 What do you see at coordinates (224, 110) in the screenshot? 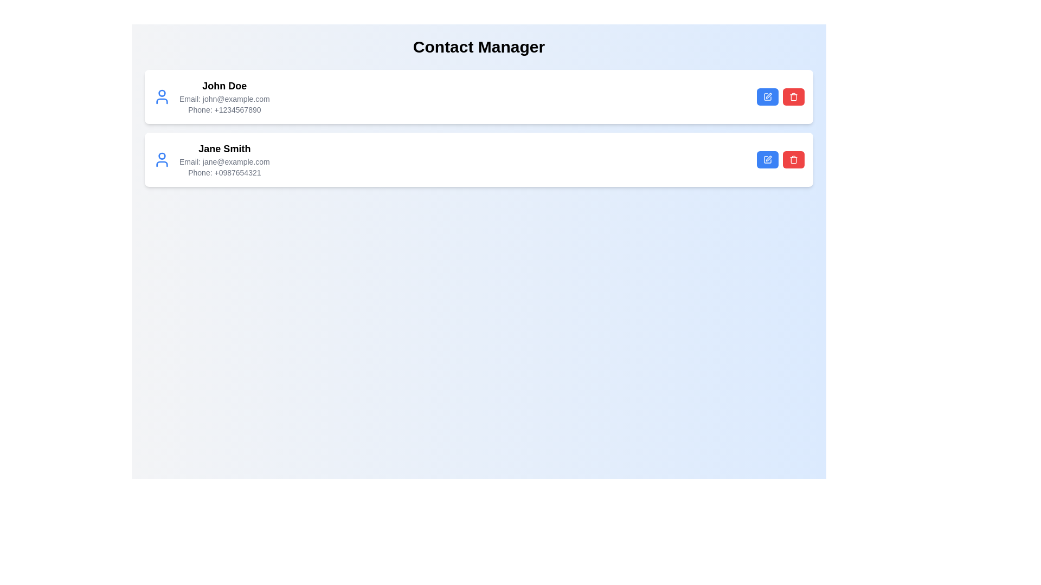
I see `the static text displaying the phone number associated with the contact 'John Doe', which is positioned under the email text 'Email: john@example.com' in the contact card` at bounding box center [224, 110].